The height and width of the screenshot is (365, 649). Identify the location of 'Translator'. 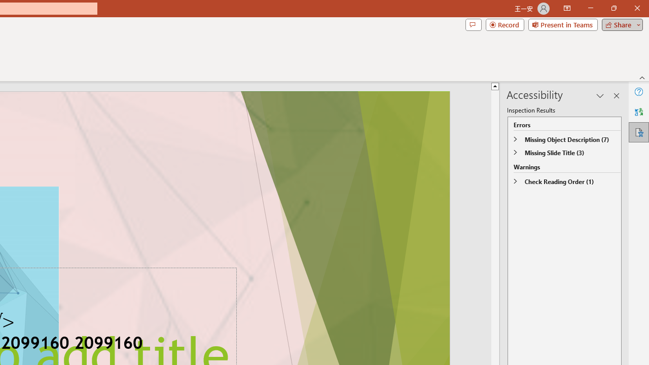
(638, 112).